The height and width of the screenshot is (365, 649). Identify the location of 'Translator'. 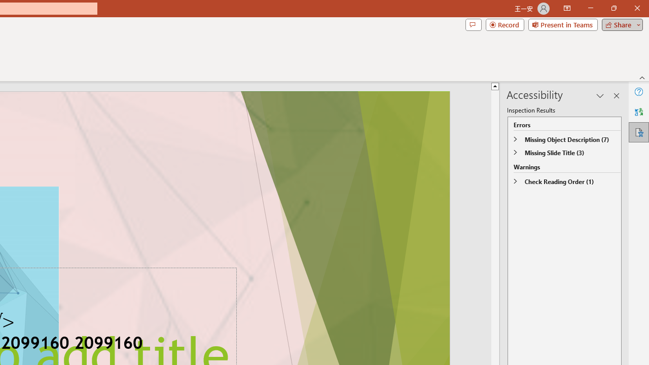
(638, 112).